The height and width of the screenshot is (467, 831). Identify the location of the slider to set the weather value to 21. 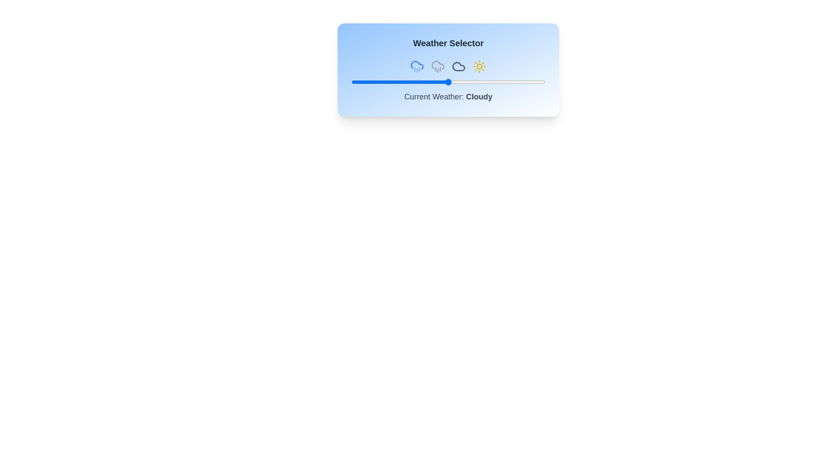
(392, 82).